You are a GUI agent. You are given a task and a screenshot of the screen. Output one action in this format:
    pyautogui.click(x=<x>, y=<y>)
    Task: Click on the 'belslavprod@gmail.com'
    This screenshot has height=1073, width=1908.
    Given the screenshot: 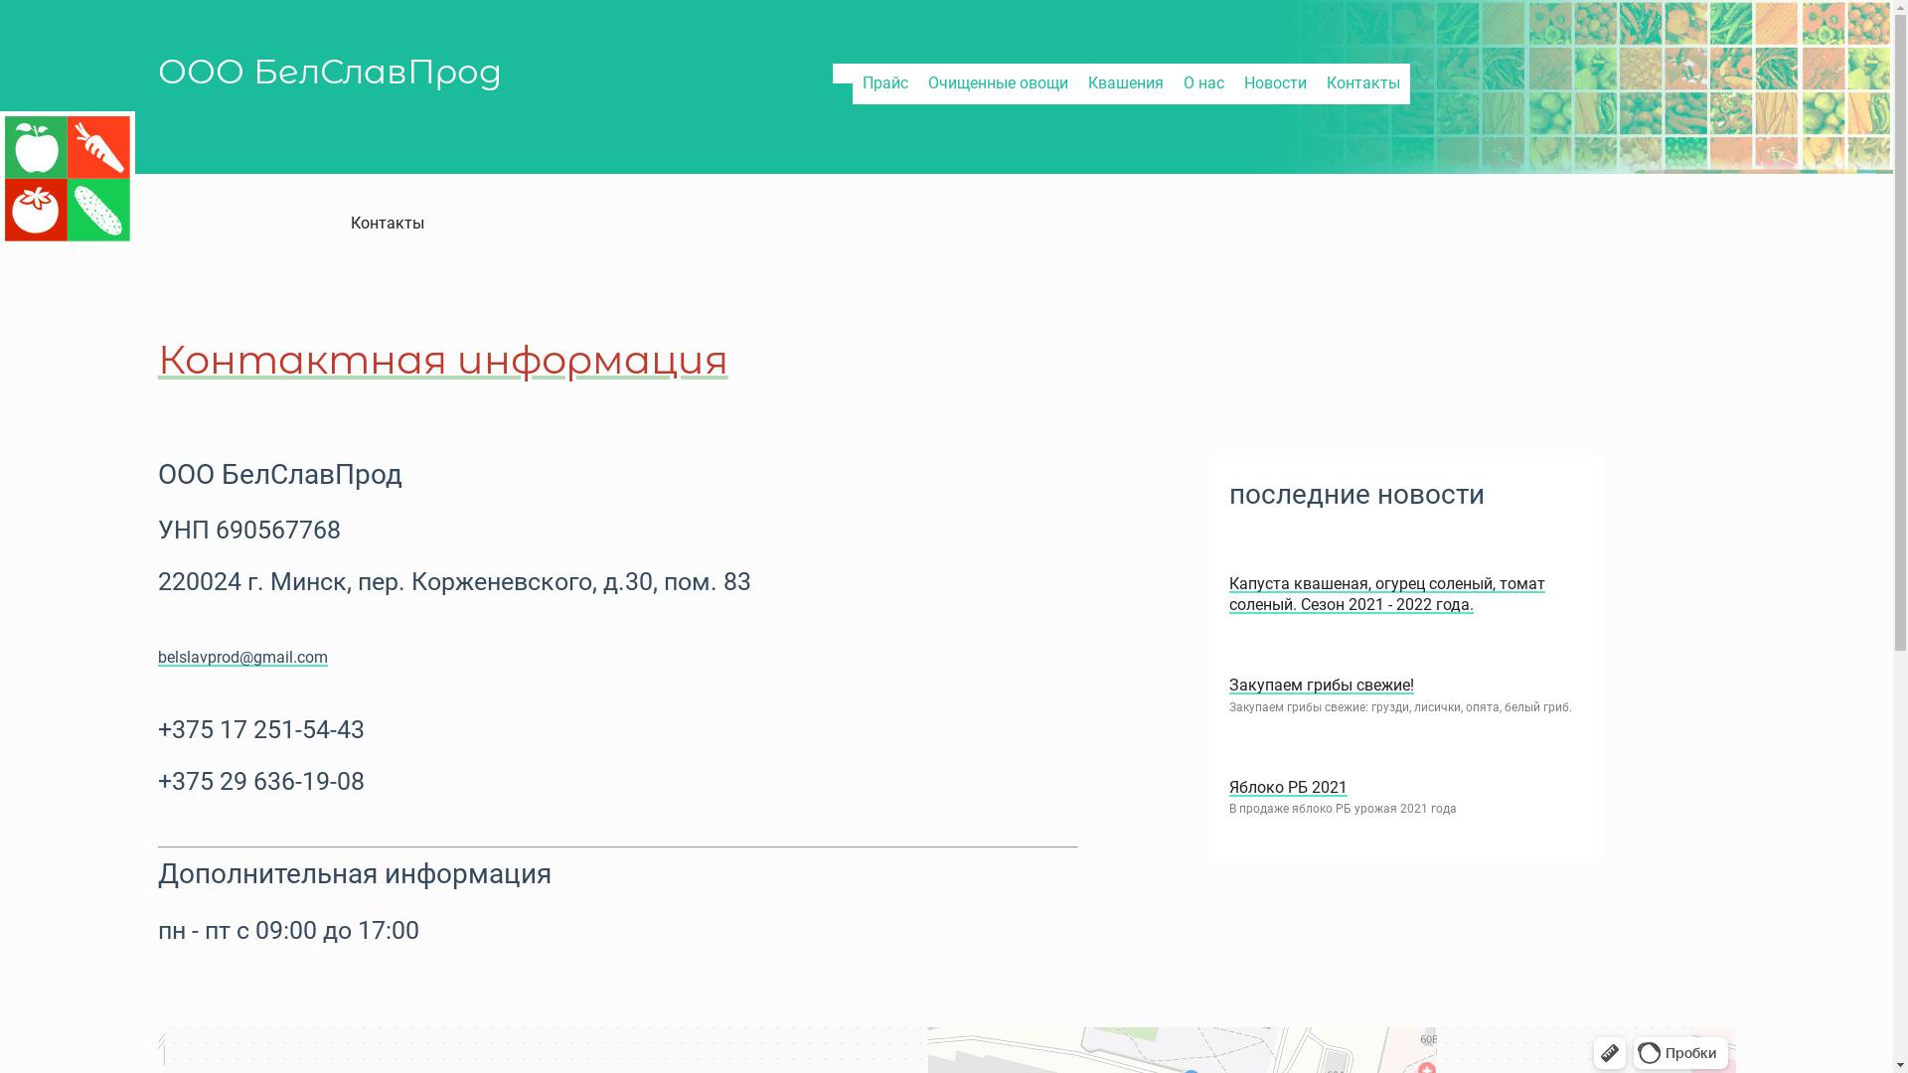 What is the action you would take?
    pyautogui.click(x=241, y=657)
    